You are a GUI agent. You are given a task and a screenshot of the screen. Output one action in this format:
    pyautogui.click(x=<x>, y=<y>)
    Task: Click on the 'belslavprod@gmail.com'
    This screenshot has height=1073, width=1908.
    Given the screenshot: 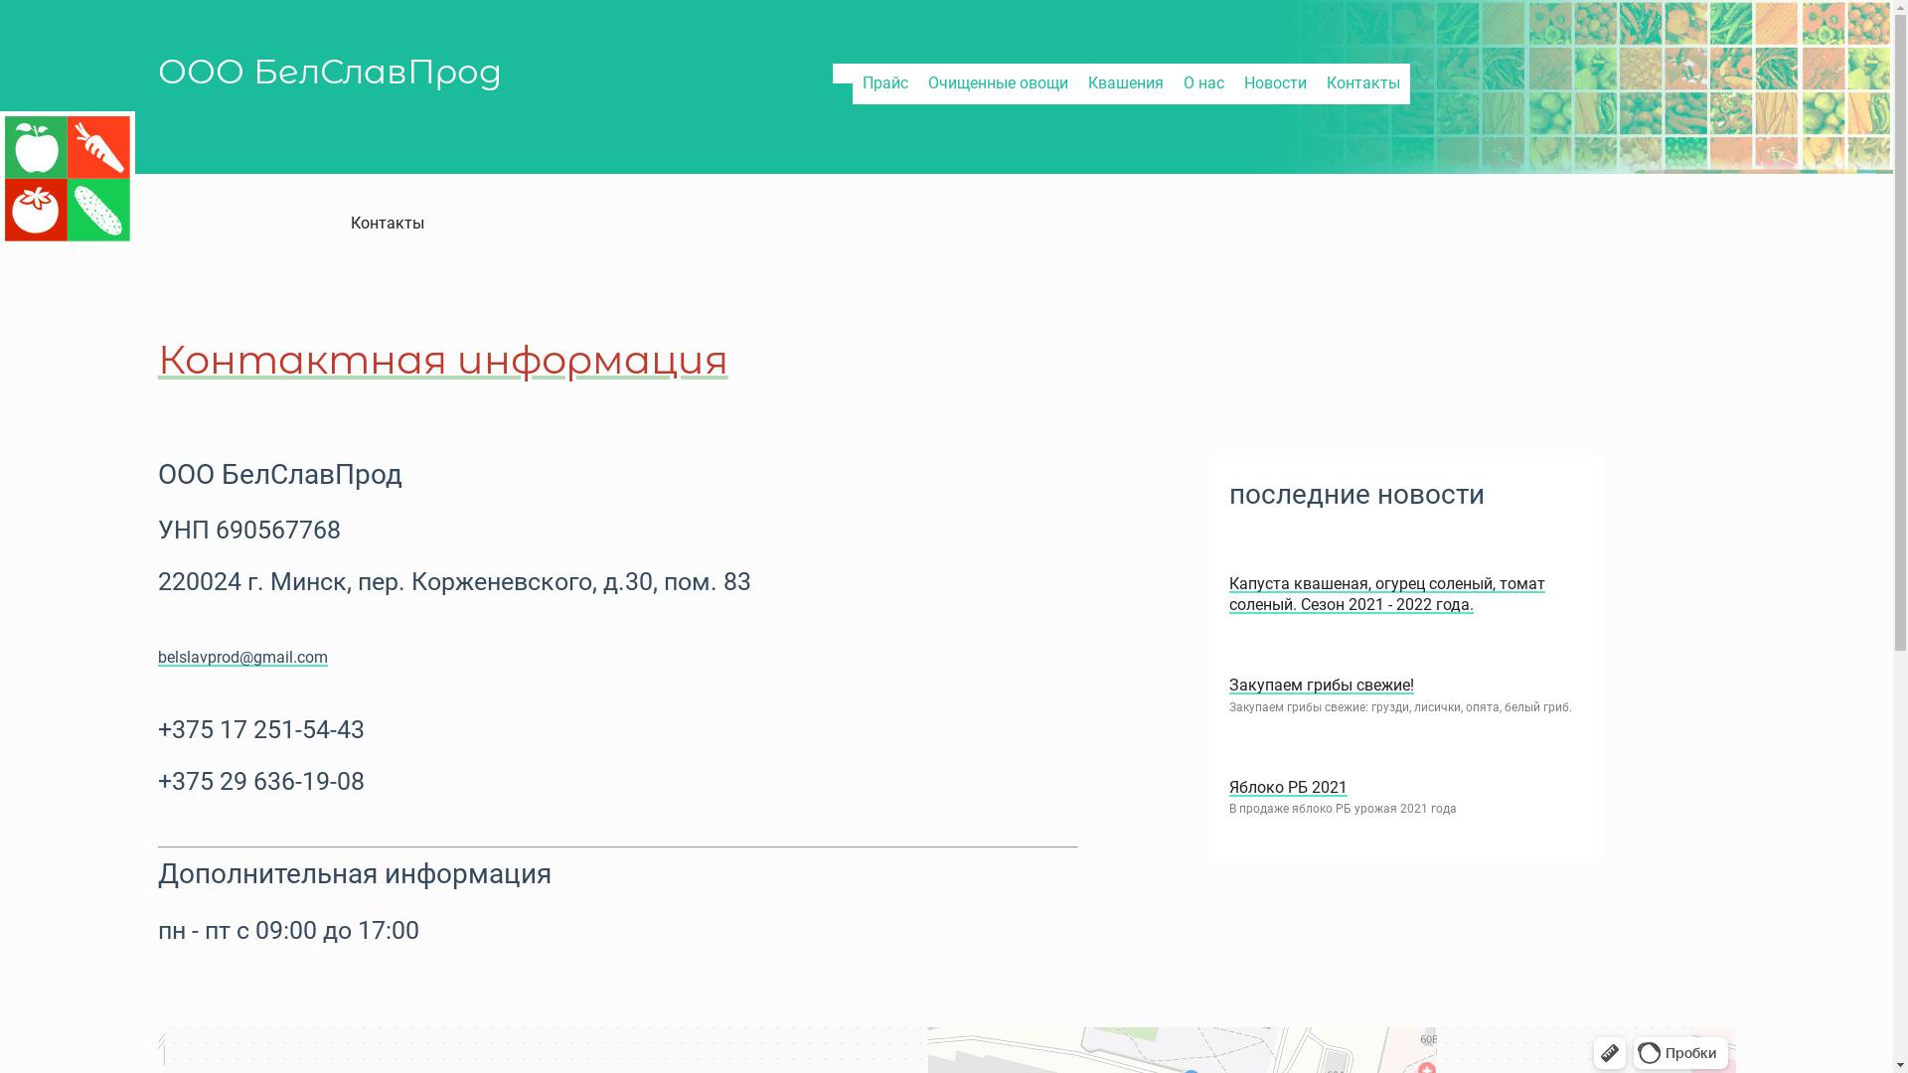 What is the action you would take?
    pyautogui.click(x=241, y=657)
    